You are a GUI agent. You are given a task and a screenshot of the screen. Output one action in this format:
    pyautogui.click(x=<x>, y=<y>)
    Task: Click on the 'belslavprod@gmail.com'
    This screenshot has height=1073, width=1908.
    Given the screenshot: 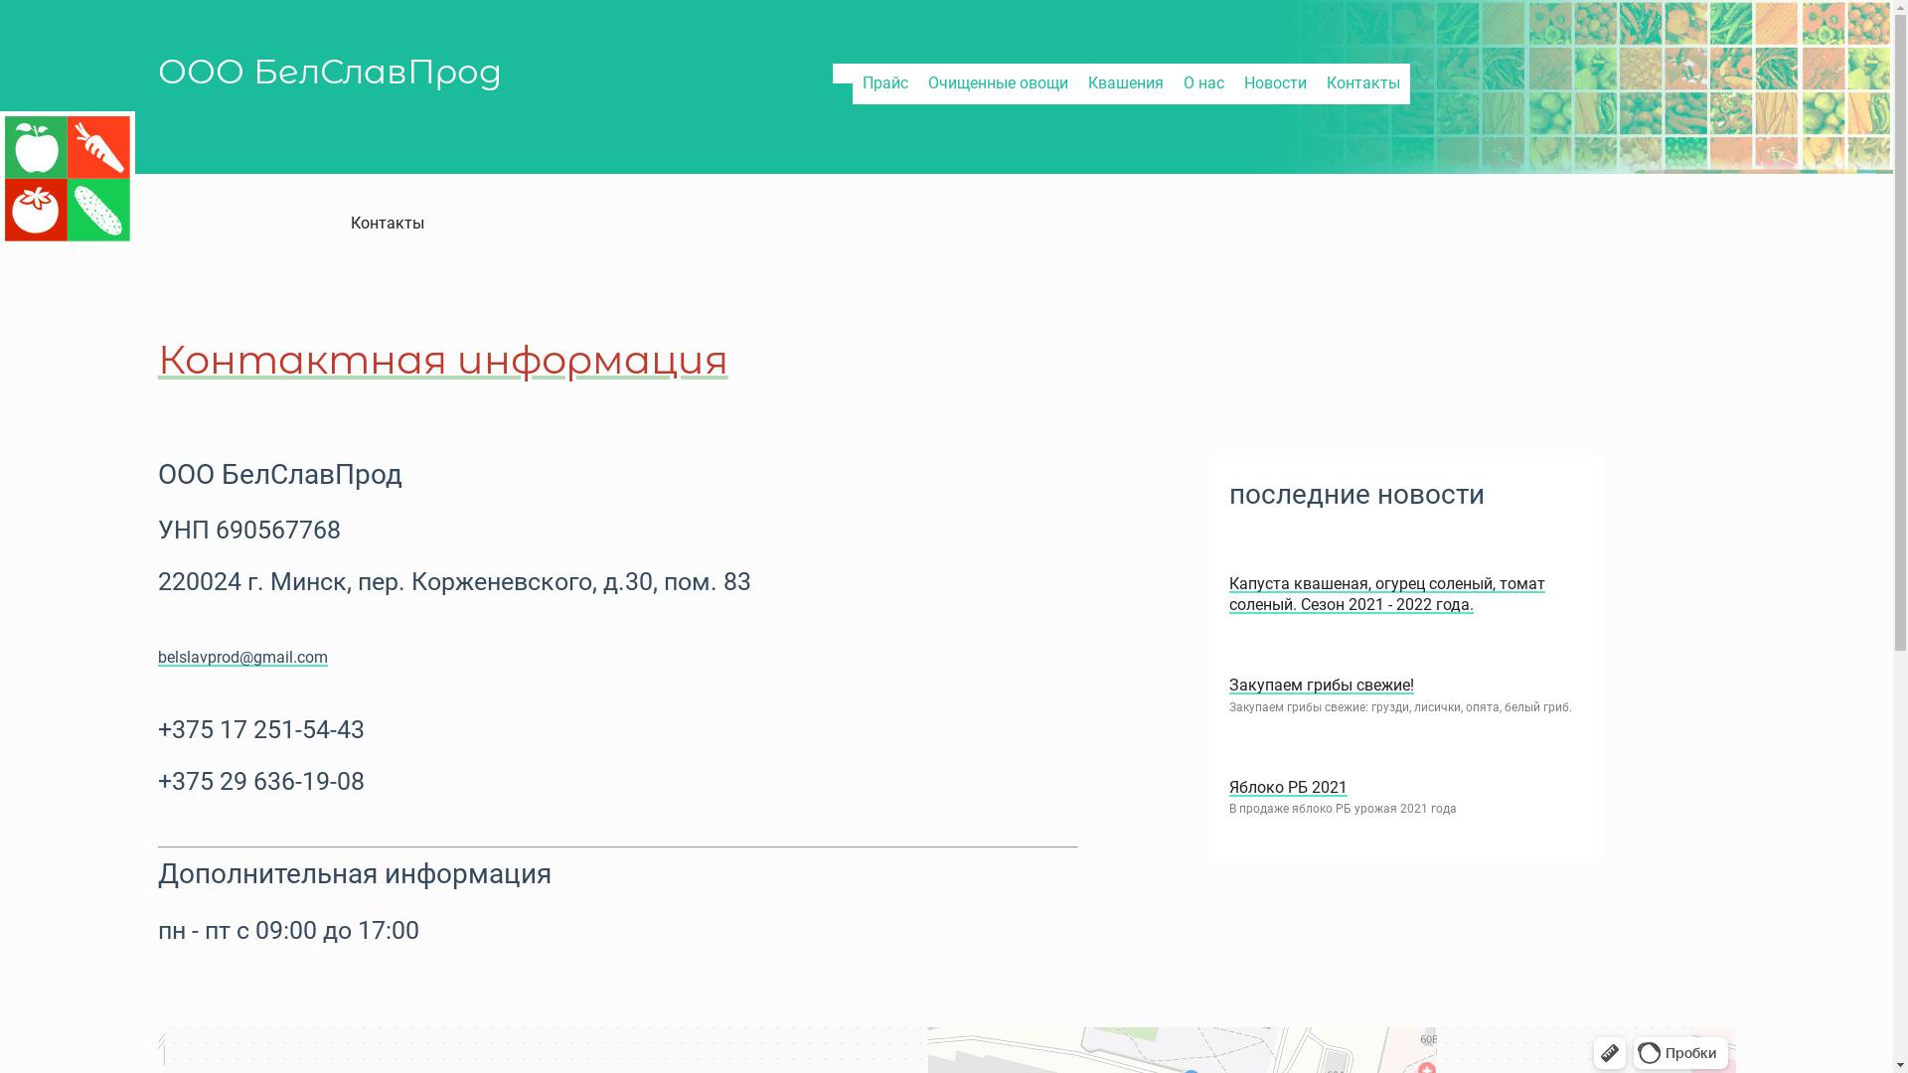 What is the action you would take?
    pyautogui.click(x=241, y=657)
    